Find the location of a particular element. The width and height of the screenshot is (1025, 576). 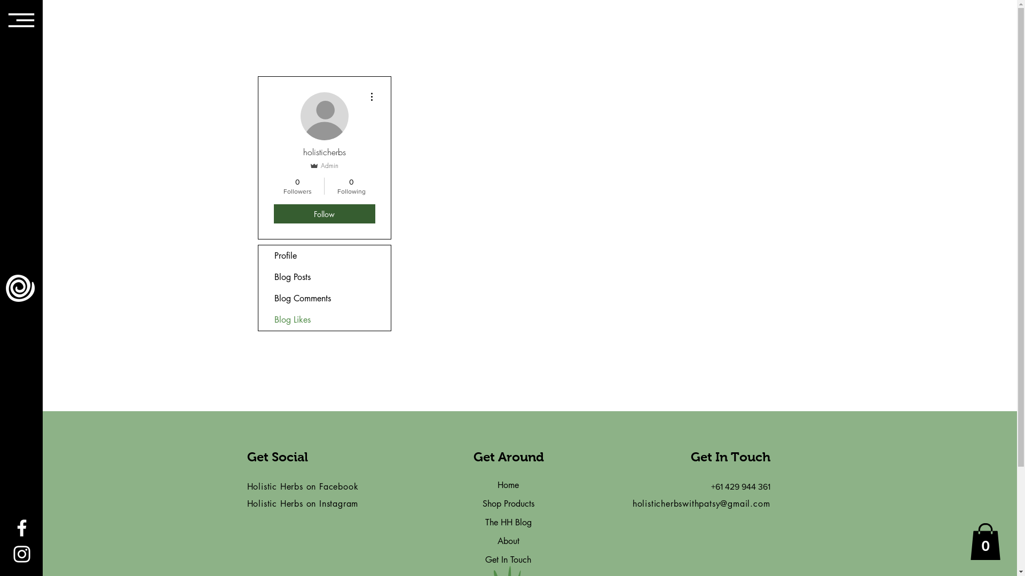

'holisticherbswithpatsy@gmail.com' is located at coordinates (701, 503).